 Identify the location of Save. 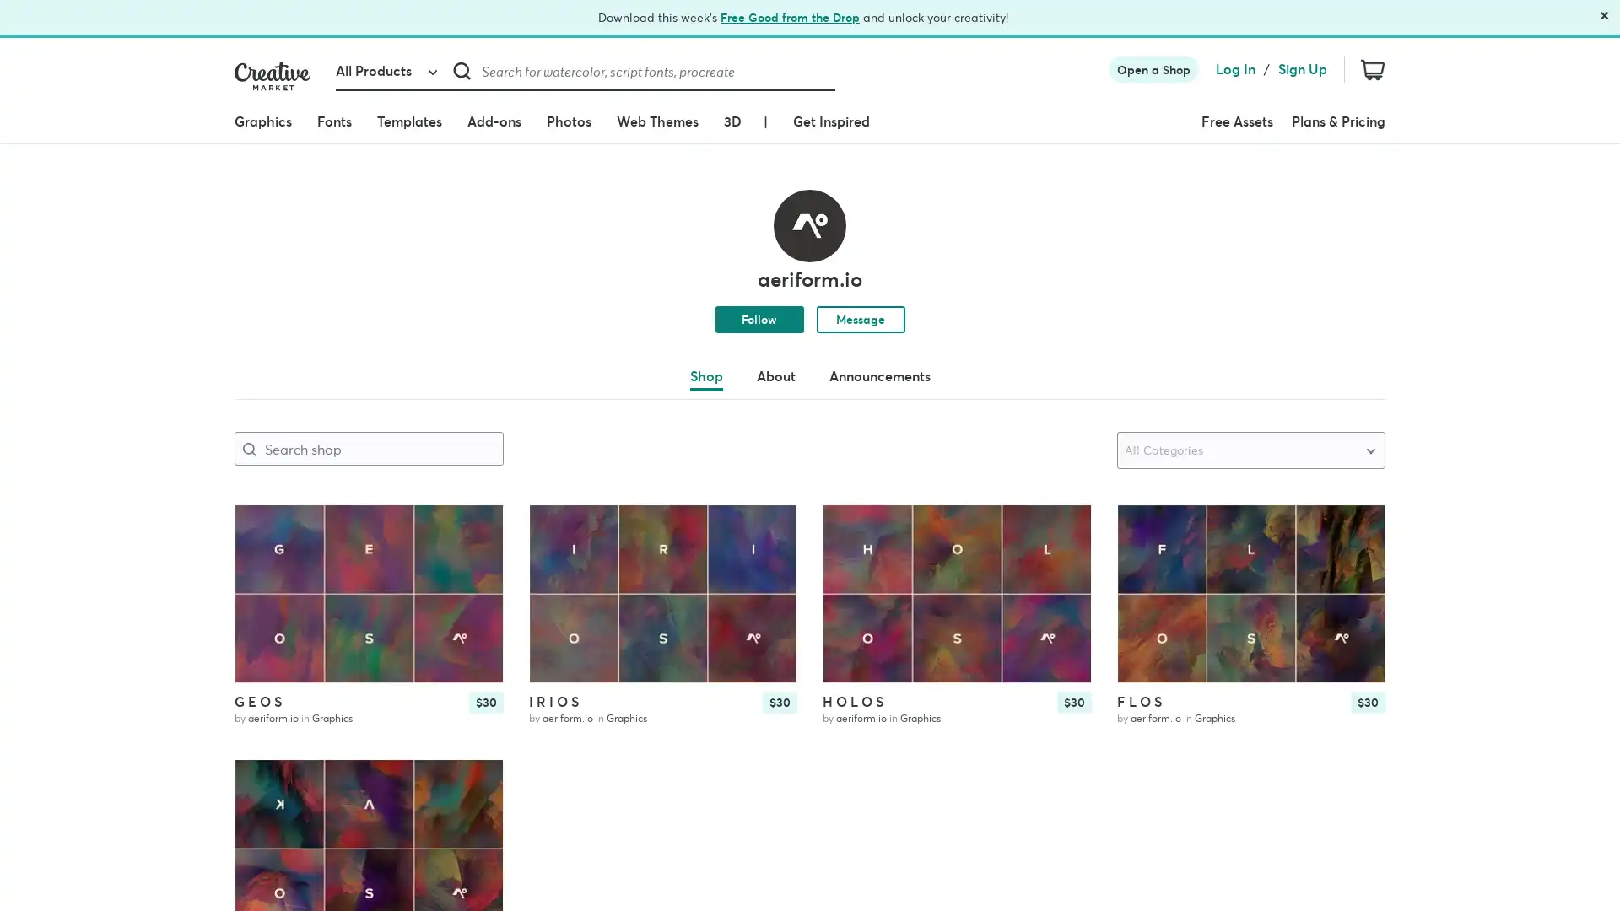
(769, 557).